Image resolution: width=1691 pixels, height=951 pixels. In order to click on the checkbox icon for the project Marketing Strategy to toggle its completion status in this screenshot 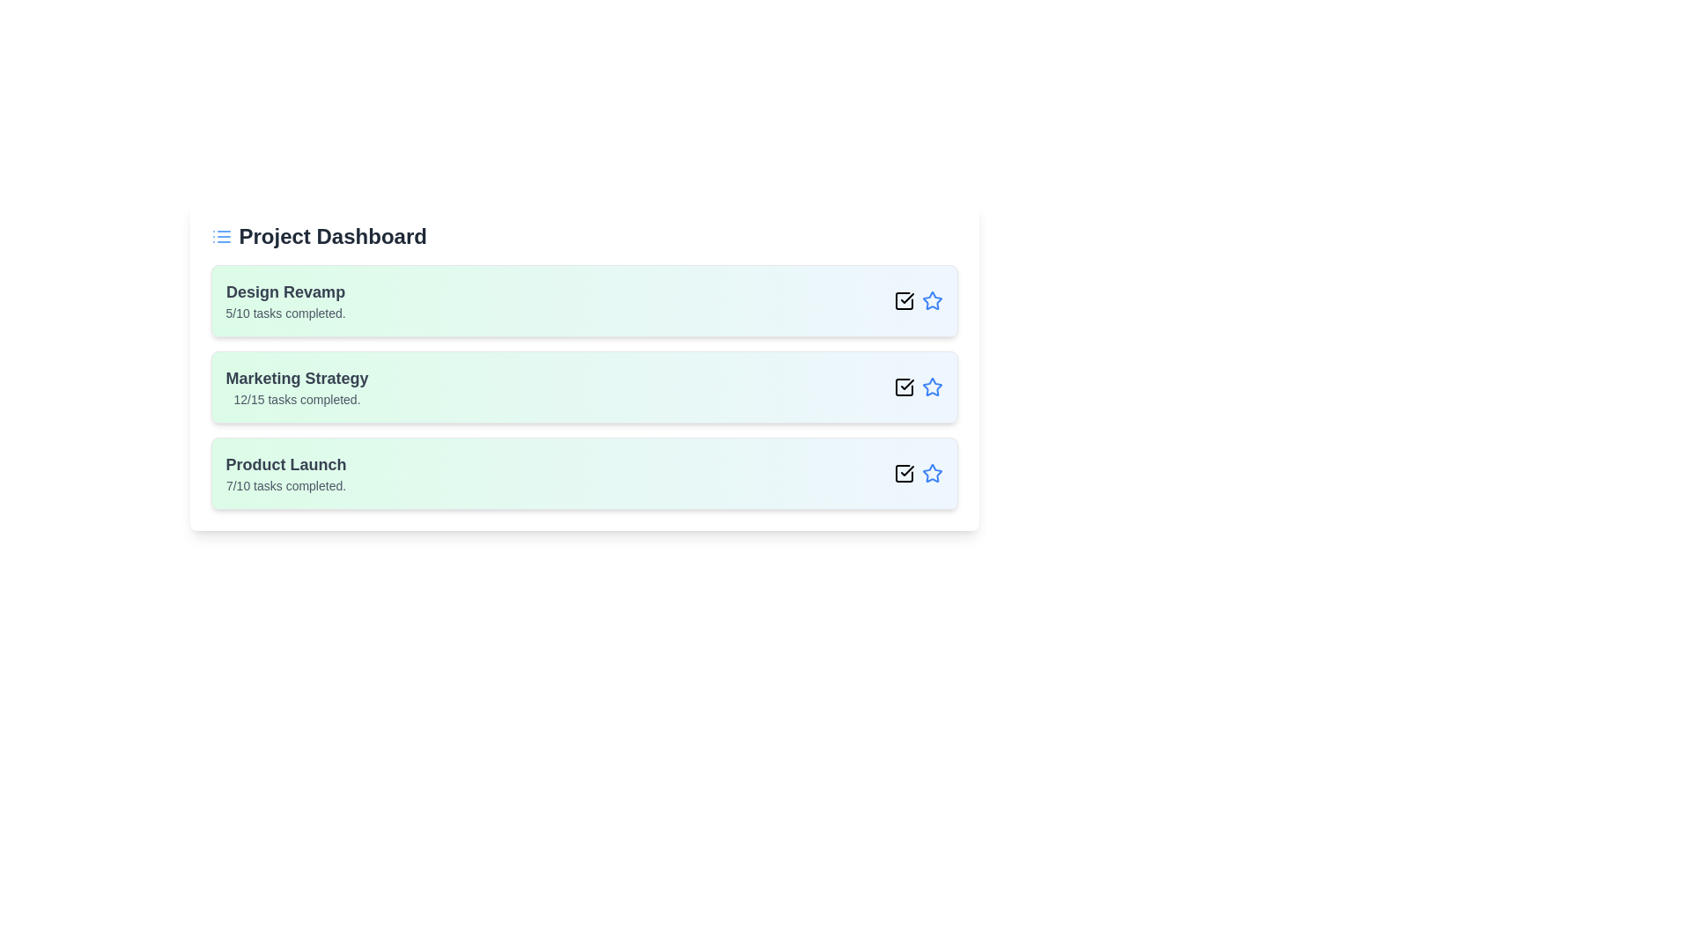, I will do `click(904, 386)`.